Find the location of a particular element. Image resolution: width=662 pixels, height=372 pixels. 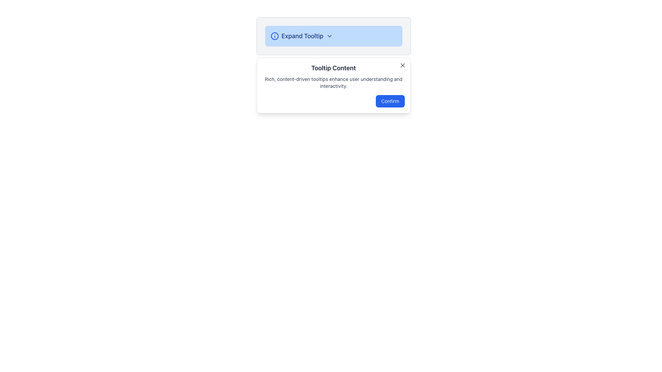

the confirm button located at the bottom right of the dialog box to confirm the action is located at coordinates (390, 101).